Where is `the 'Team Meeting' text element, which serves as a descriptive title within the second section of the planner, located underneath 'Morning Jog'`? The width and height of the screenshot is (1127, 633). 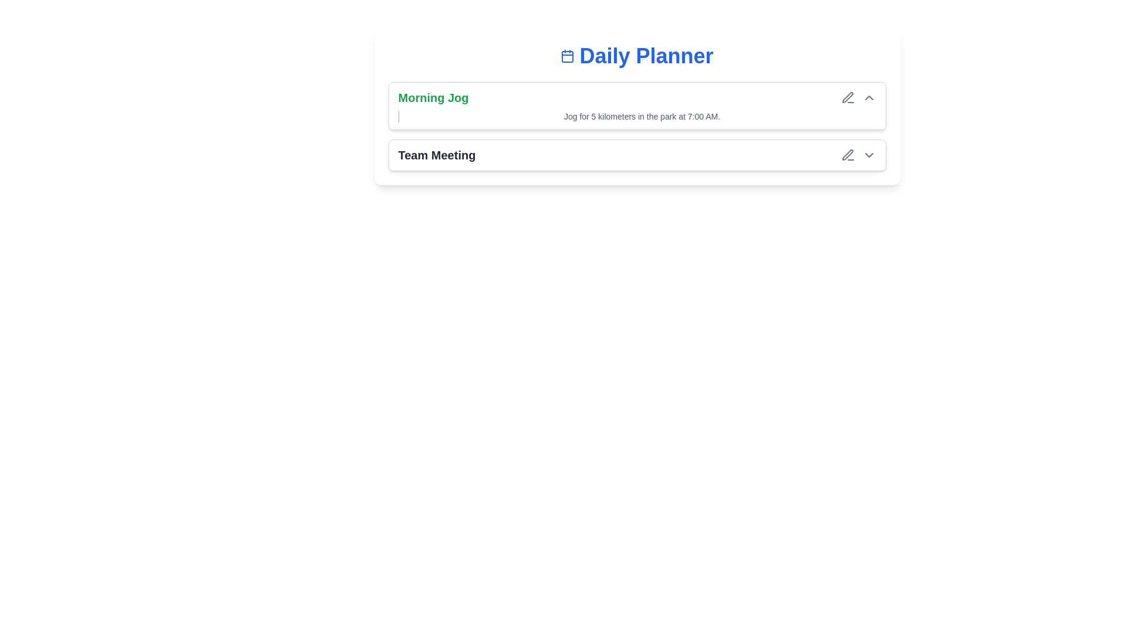 the 'Team Meeting' text element, which serves as a descriptive title within the second section of the planner, located underneath 'Morning Jog' is located at coordinates (436, 155).